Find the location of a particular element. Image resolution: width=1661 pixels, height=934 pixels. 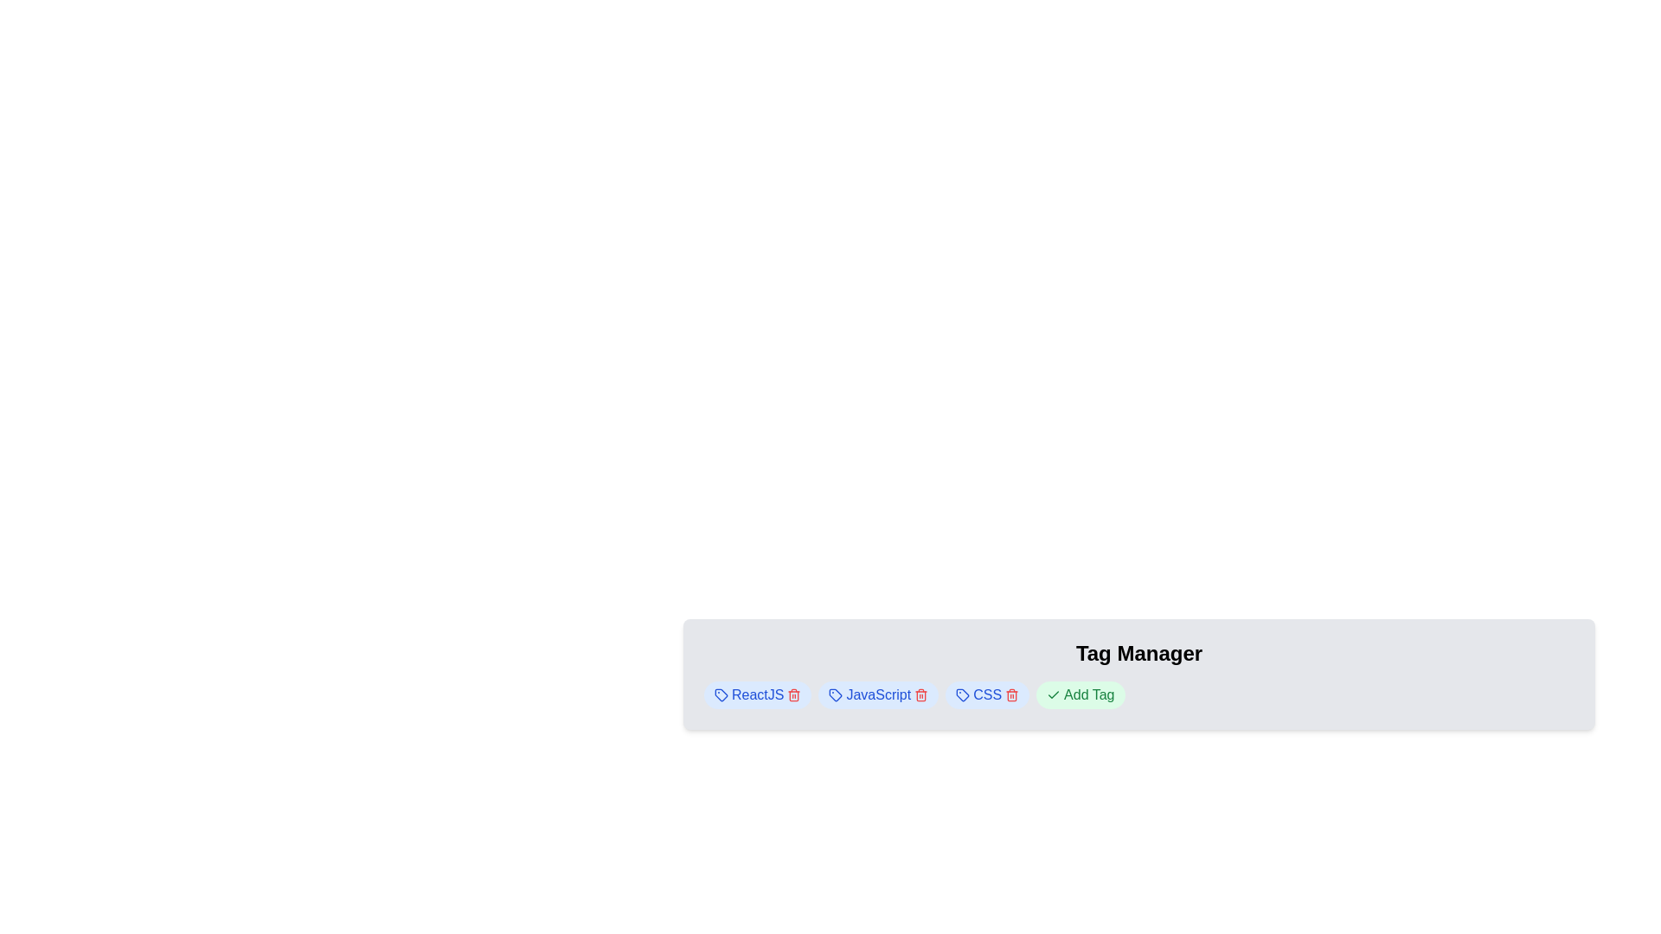

on the 'ReactJS' tag element, which is styled with a blue font and a light blue rounded background is located at coordinates (758, 694).